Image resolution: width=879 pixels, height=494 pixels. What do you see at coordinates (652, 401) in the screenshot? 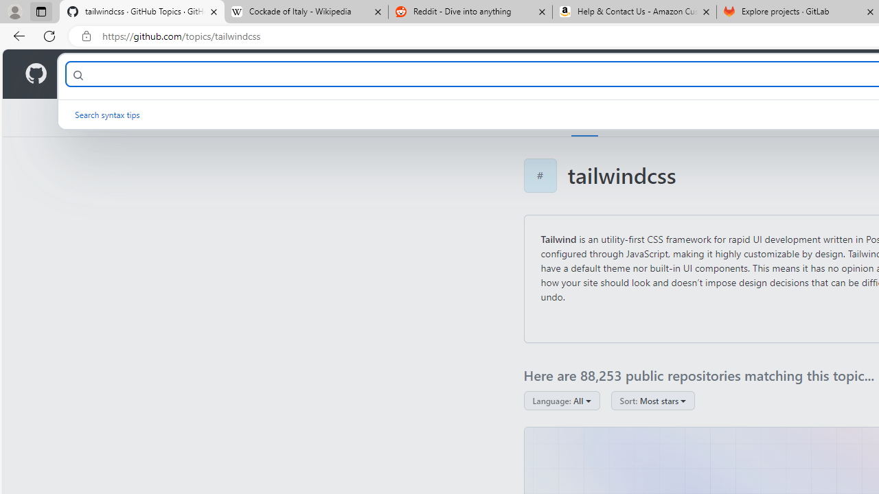
I see `'Sort: Most stars'` at bounding box center [652, 401].